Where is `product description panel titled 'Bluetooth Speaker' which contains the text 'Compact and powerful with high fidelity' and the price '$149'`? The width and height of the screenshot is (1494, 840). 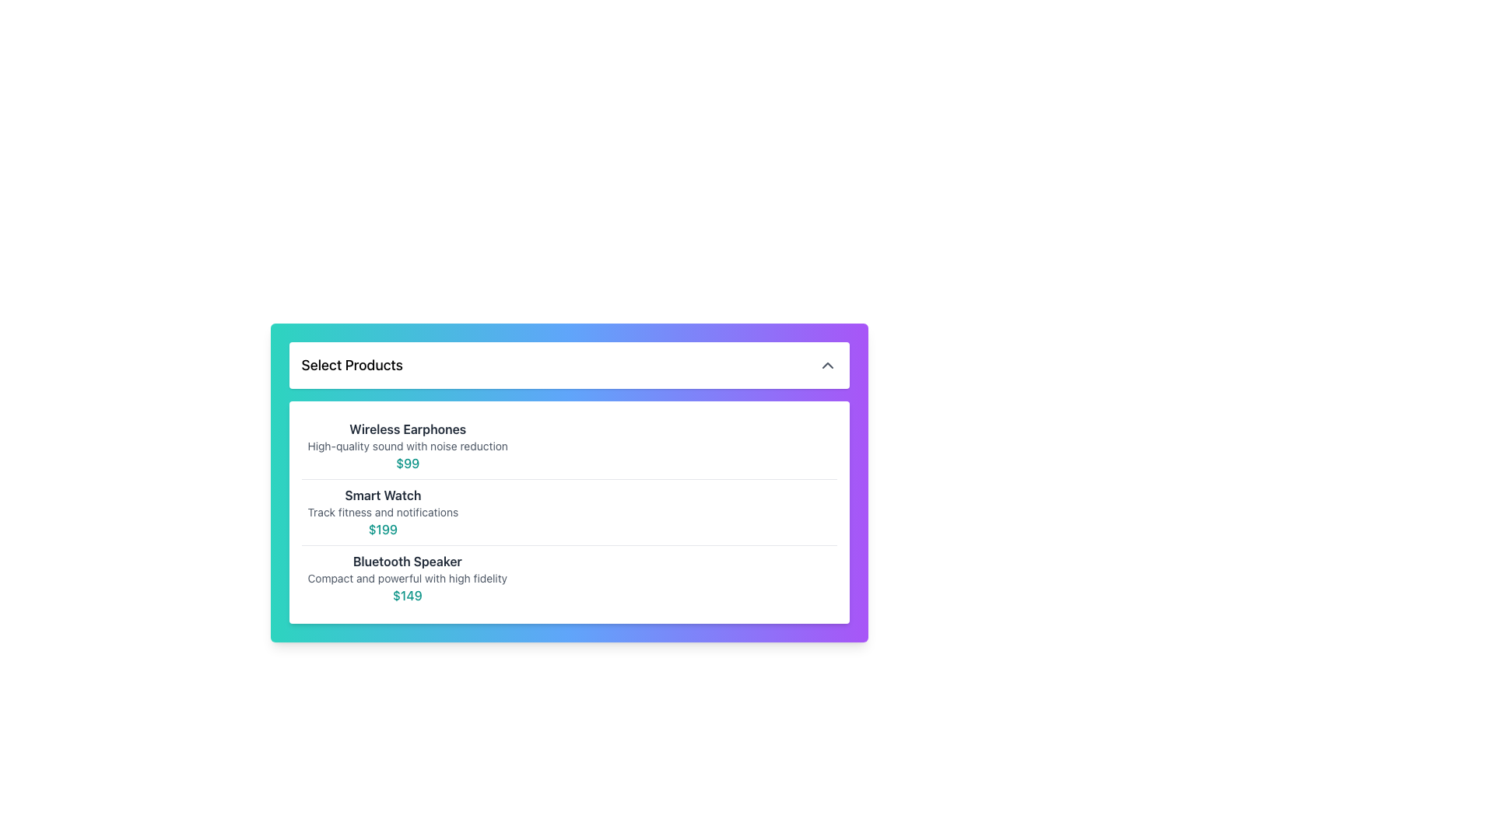 product description panel titled 'Bluetooth Speaker' which contains the text 'Compact and powerful with high fidelity' and the price '$149' is located at coordinates (407, 579).